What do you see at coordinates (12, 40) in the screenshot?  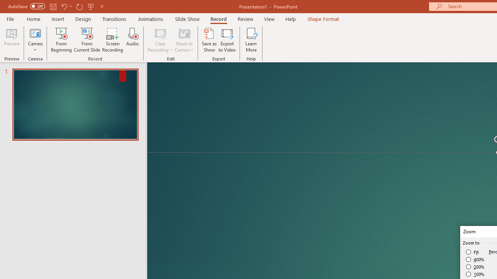 I see `'Preview'` at bounding box center [12, 40].